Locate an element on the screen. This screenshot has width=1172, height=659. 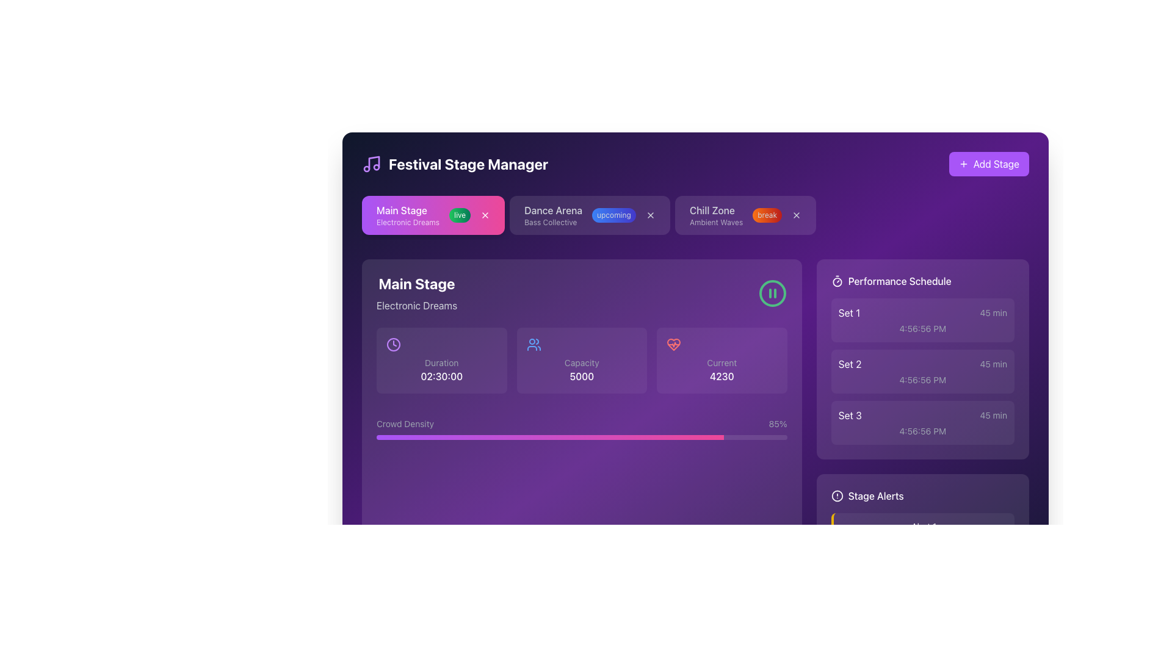
the third item in the vertical list labeled 'Set 3' under the 'Performance Schedule' is located at coordinates (922, 422).